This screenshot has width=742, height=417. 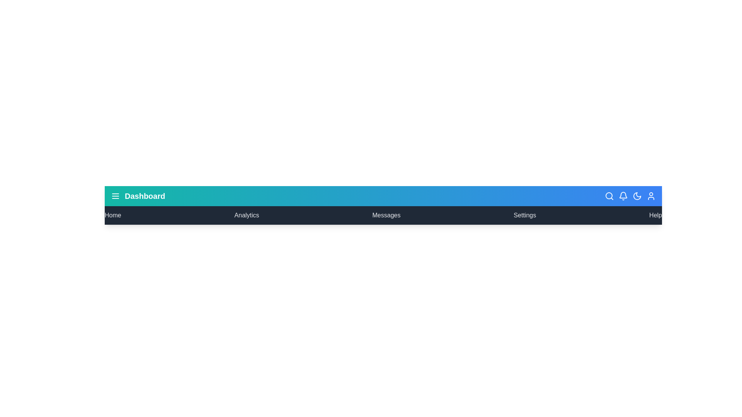 I want to click on the menu item Home to navigate to the respective section, so click(x=112, y=215).